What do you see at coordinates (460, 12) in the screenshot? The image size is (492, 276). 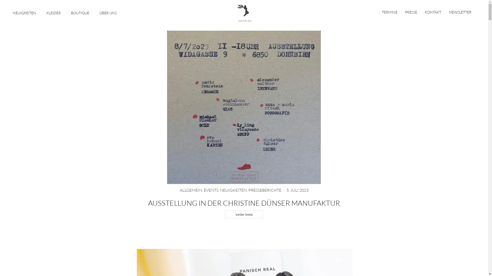 I see `'NEWSLETTER'` at bounding box center [460, 12].